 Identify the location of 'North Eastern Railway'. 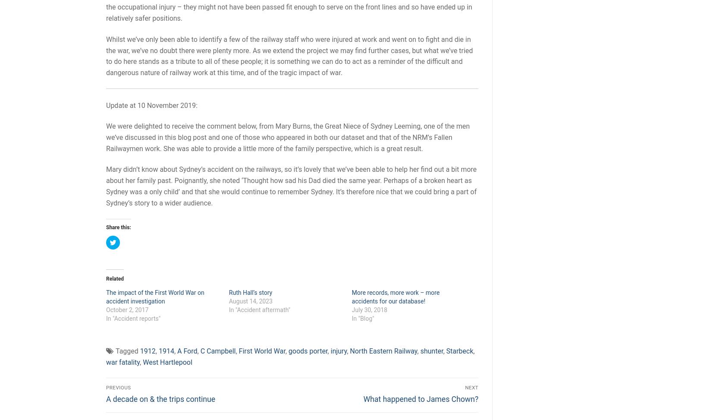
(383, 351).